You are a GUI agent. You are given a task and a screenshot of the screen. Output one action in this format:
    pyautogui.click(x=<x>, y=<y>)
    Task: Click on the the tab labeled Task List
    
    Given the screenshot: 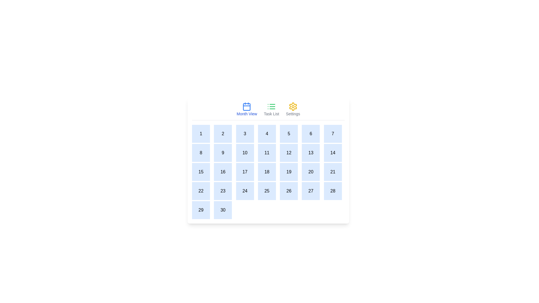 What is the action you would take?
    pyautogui.click(x=271, y=109)
    